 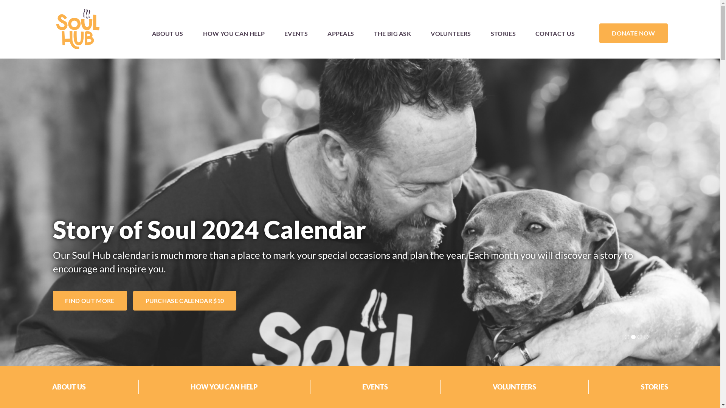 What do you see at coordinates (295, 32) in the screenshot?
I see `'EVENTS'` at bounding box center [295, 32].